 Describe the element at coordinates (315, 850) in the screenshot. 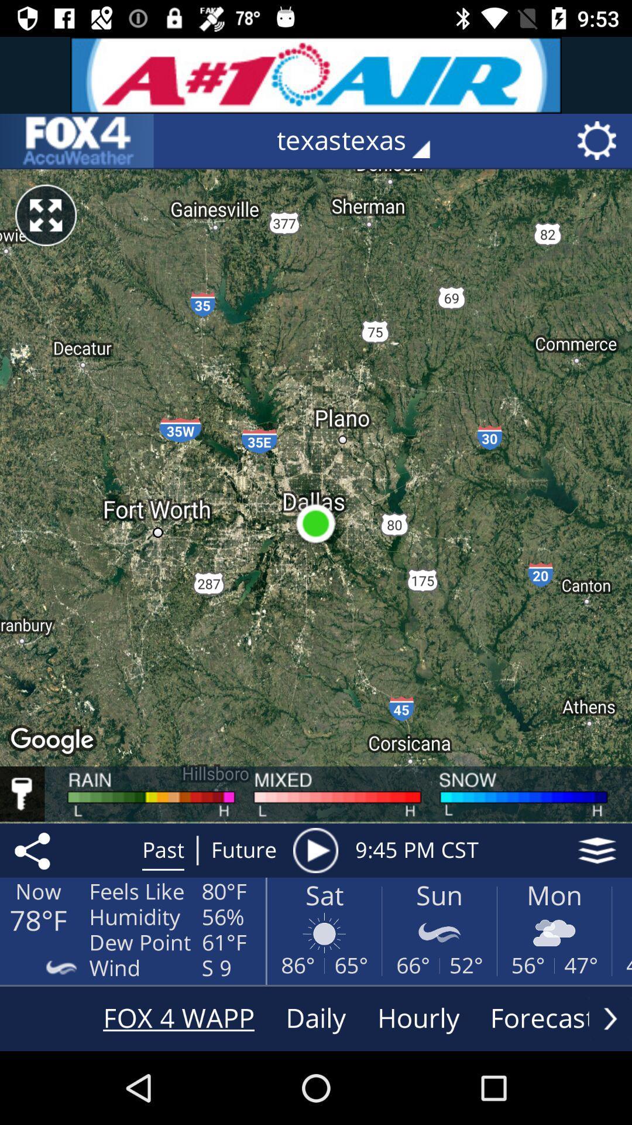

I see `the icon next to future` at that location.